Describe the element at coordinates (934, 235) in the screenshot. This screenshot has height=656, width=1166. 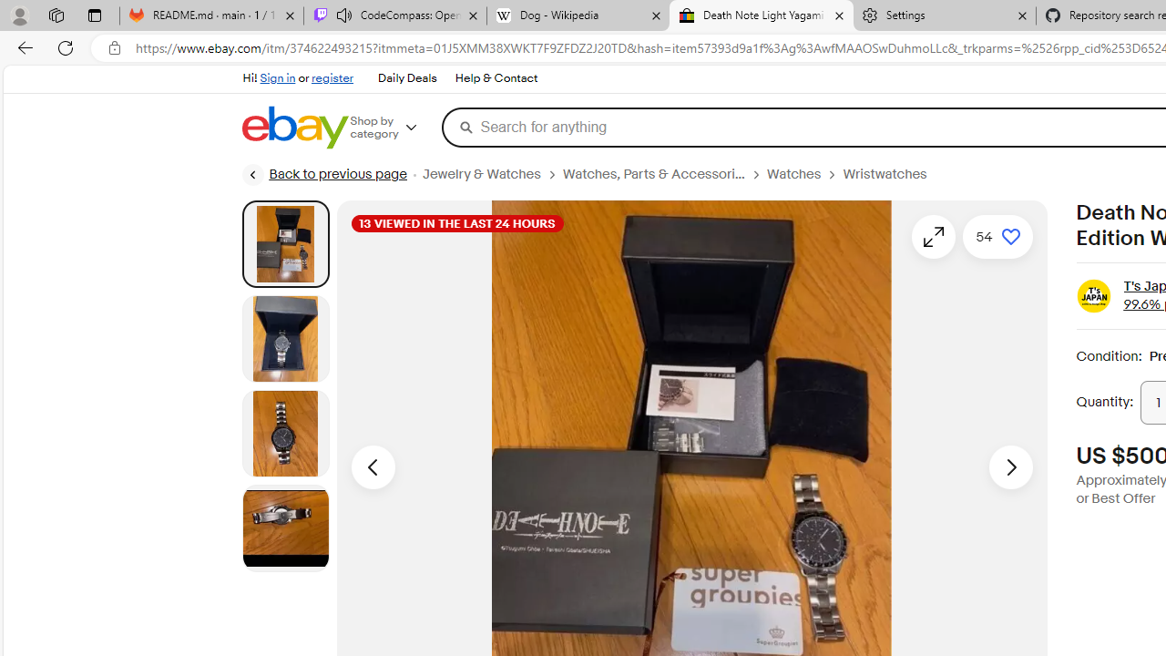
I see `'Class: icon-btn'` at that location.